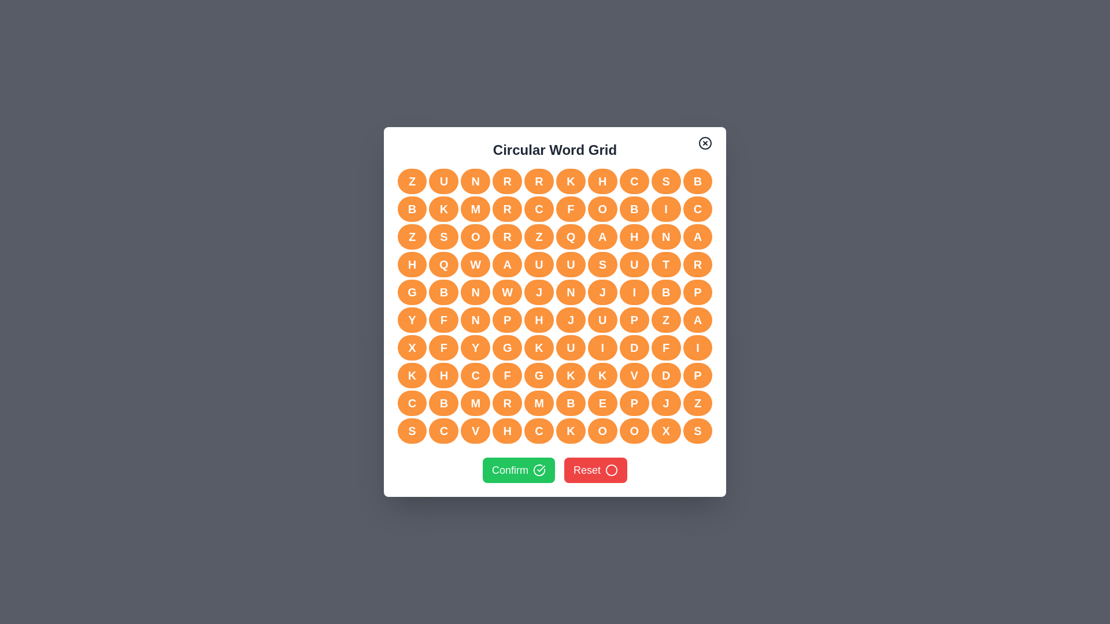  Describe the element at coordinates (705, 142) in the screenshot. I see `close button to dismiss the component` at that location.